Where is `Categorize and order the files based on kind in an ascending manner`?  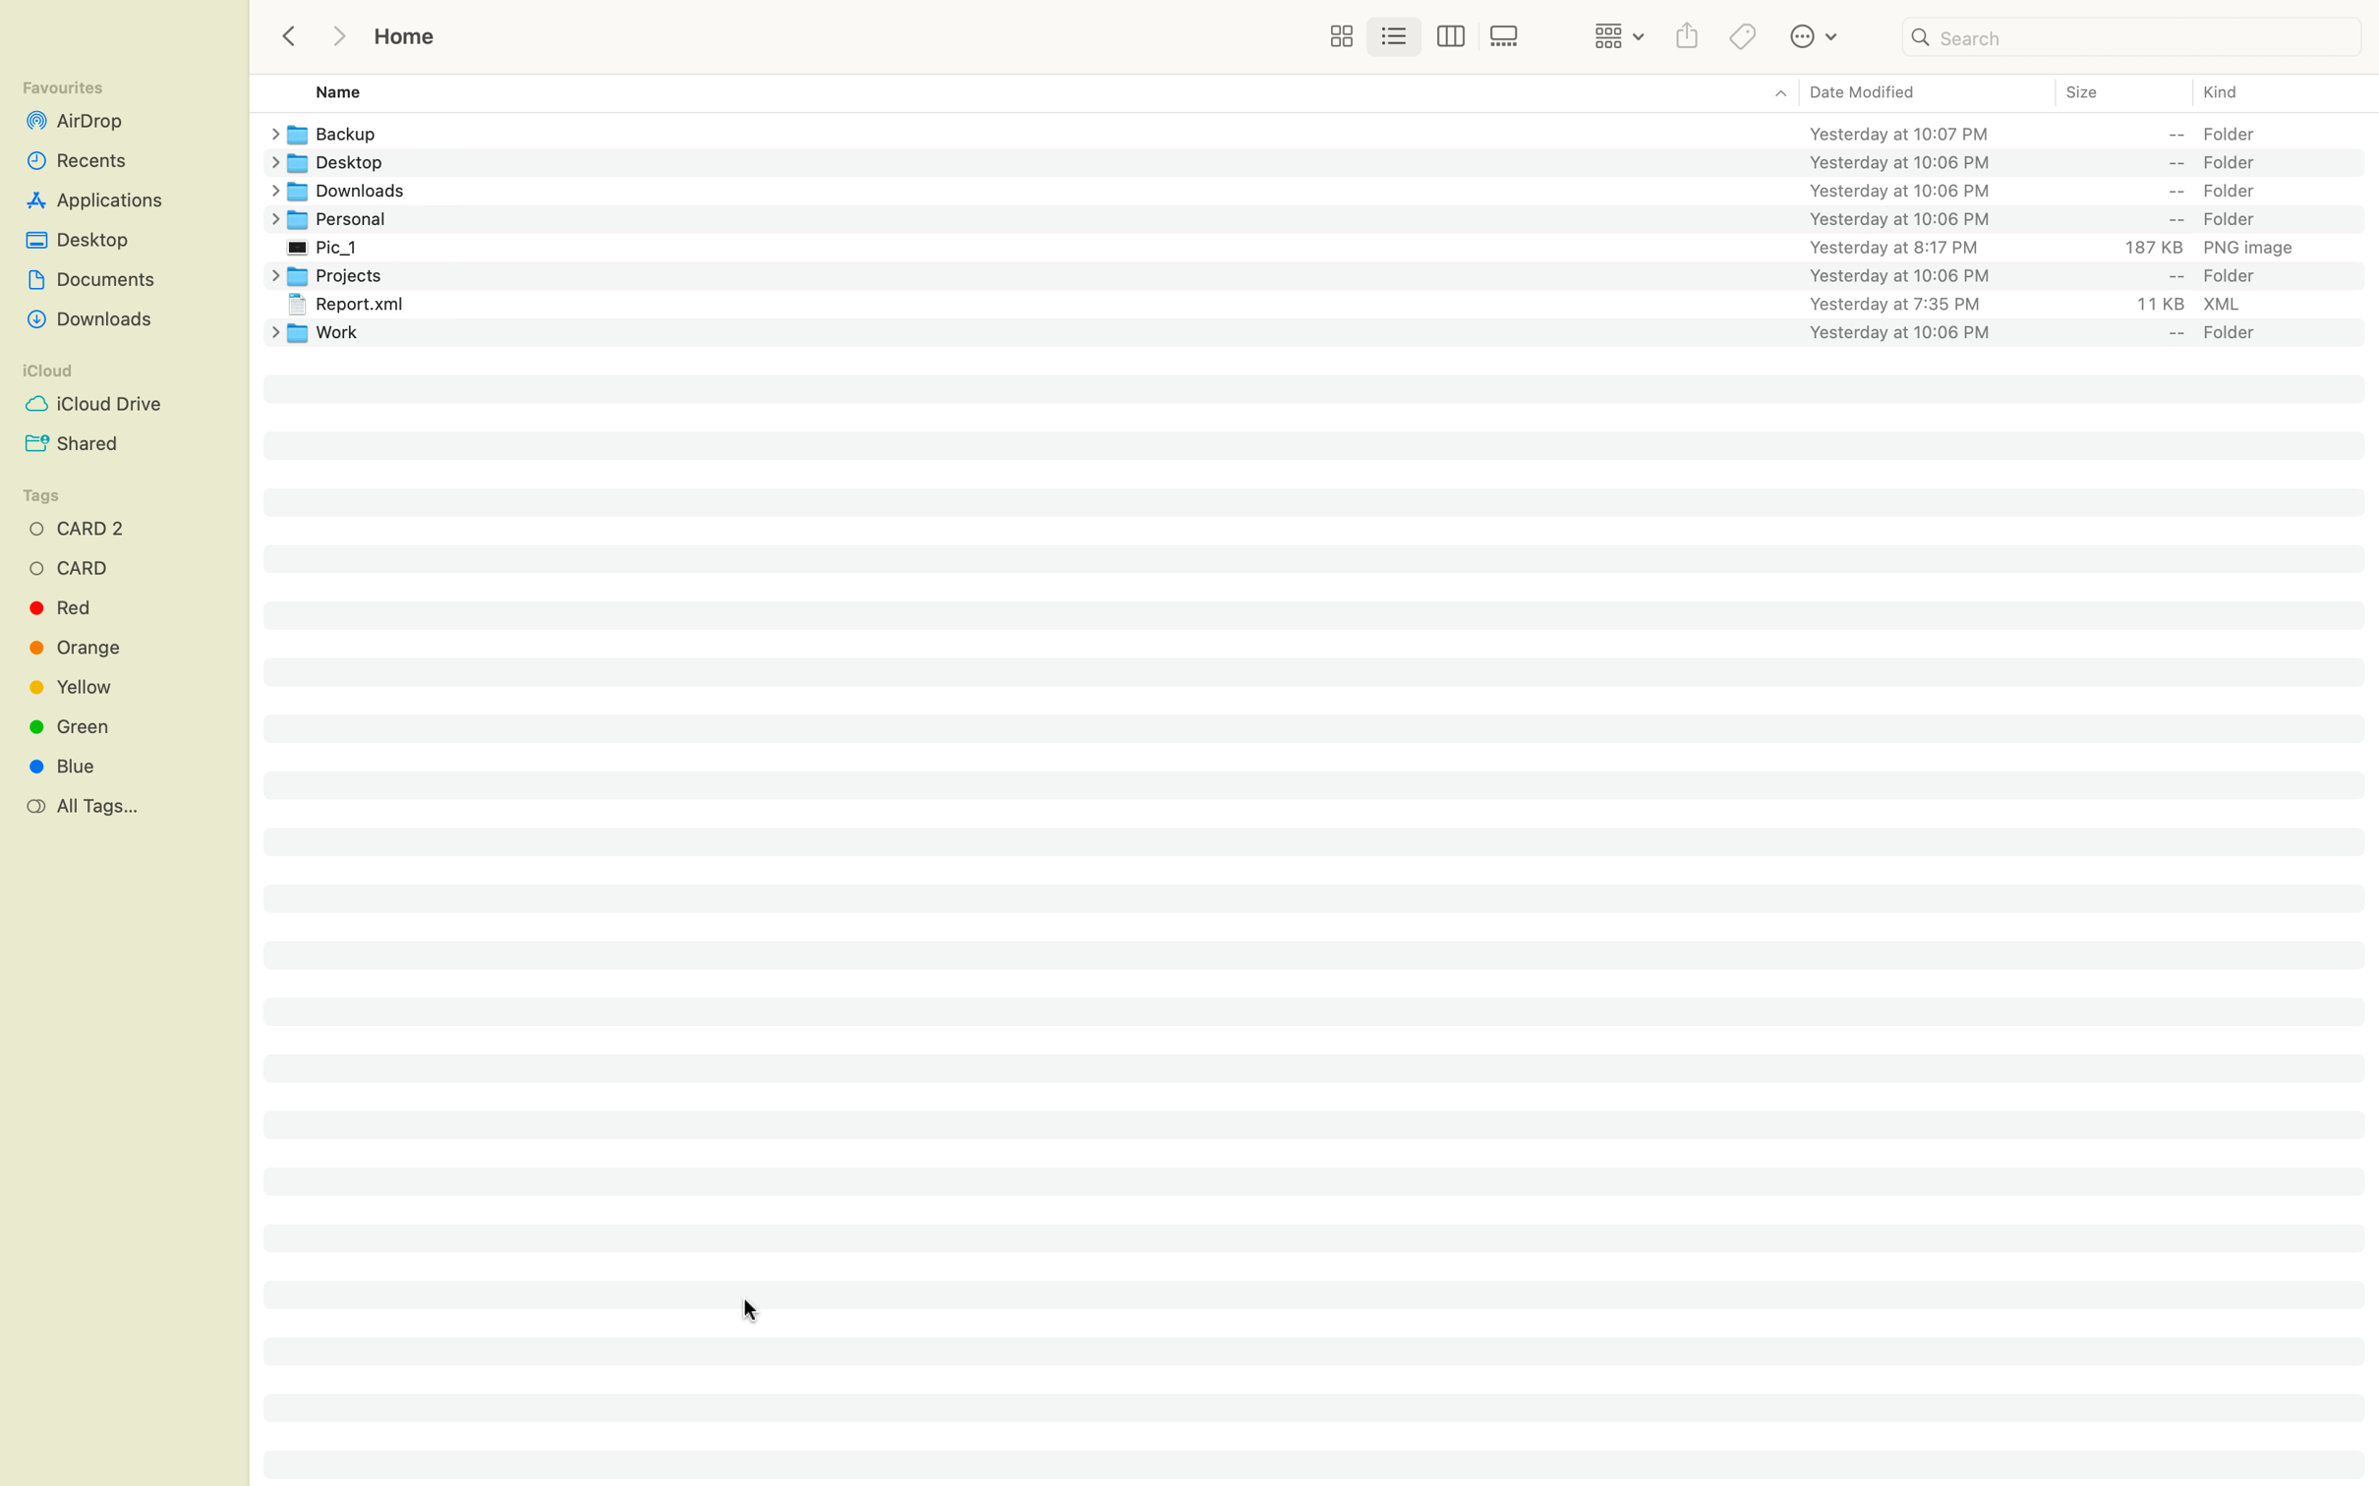
Categorize and order the files based on kind in an ascending manner is located at coordinates (2274, 92).